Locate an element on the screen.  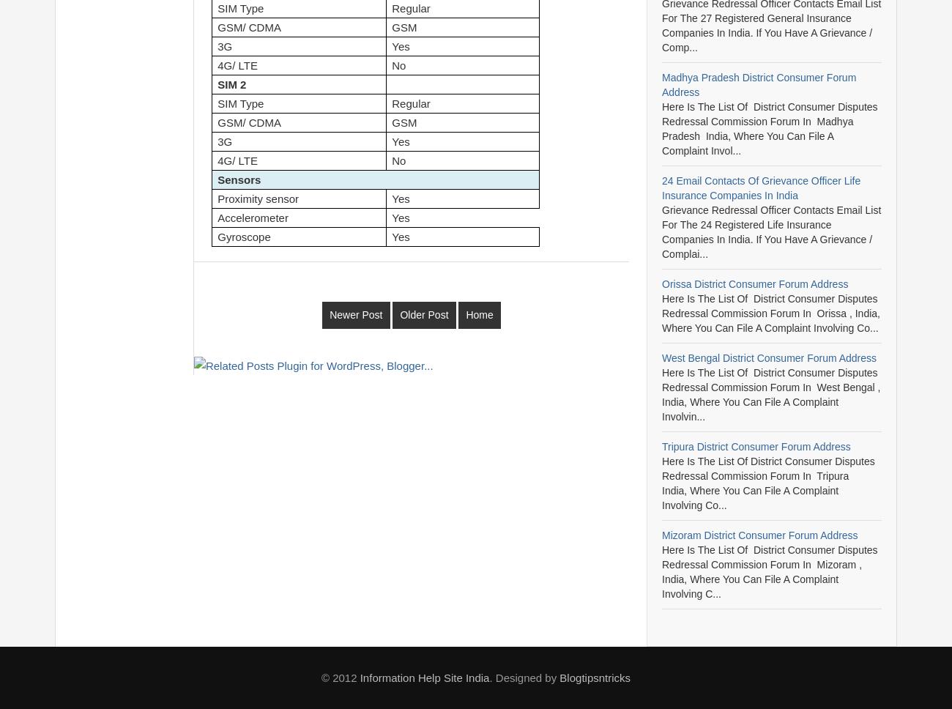
'24 Email Contacts of Grievance Officer Life Insurance Companies in India' is located at coordinates (761, 188).